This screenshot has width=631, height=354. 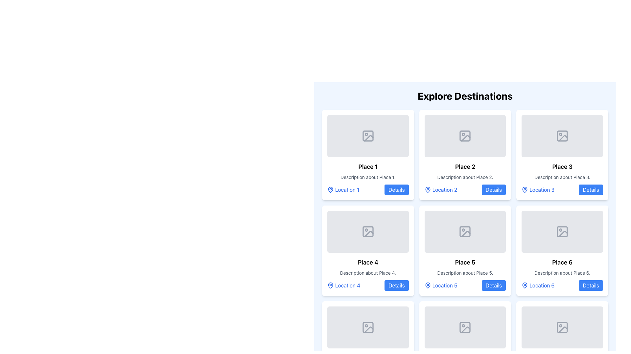 I want to click on the gray landscape icon within the fourth card of the grid layout under 'Explore Destinations', so click(x=369, y=233).